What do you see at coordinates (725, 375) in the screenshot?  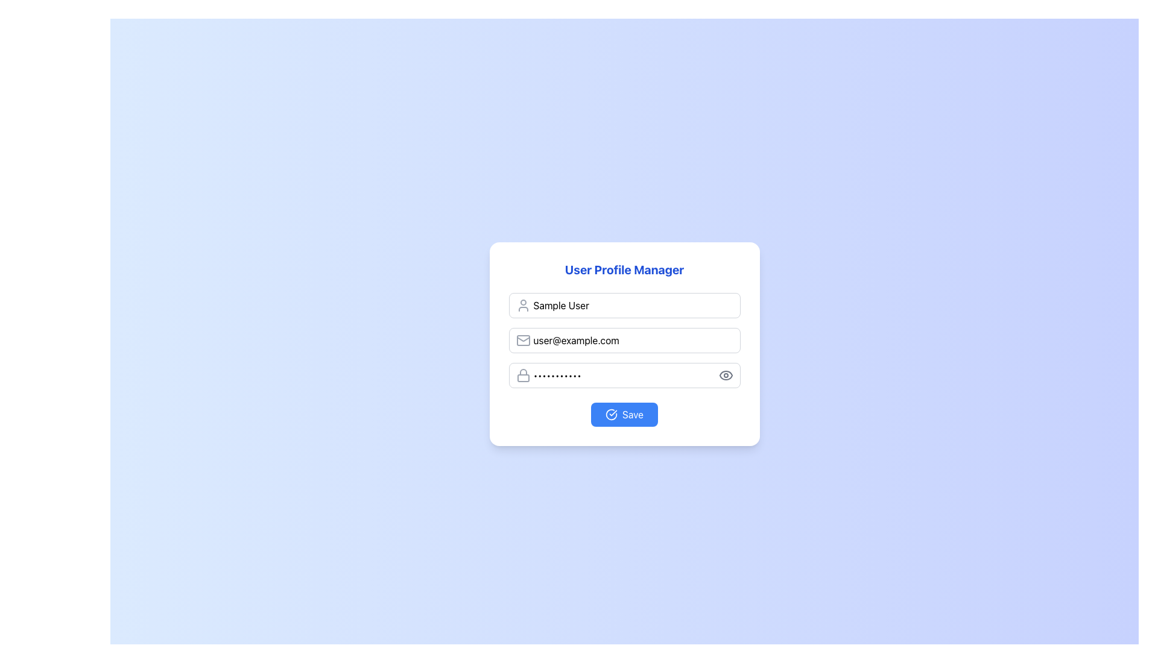 I see `the visibility toggle icon button located on the right side of the password input field, which allows users to switch between showing and obscuring the password` at bounding box center [725, 375].